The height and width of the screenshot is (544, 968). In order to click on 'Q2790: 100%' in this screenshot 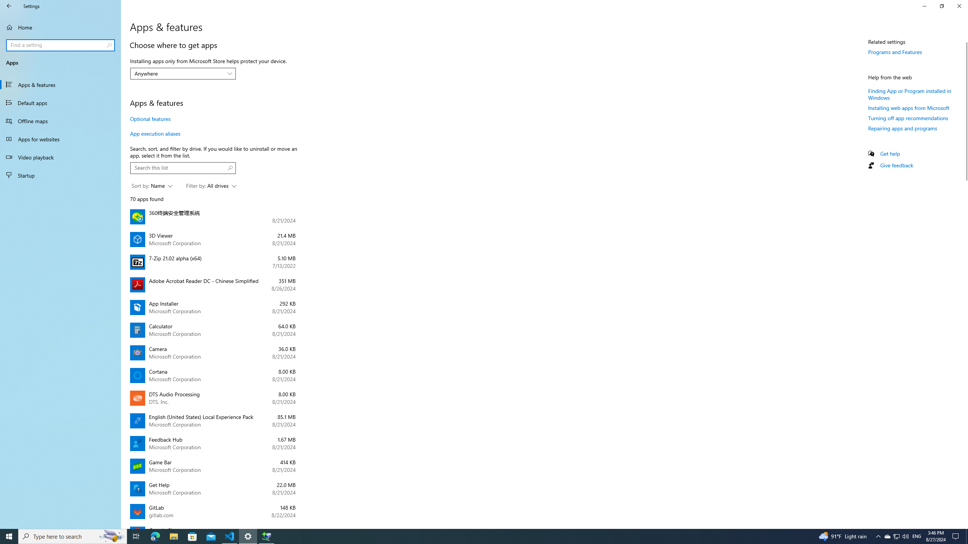, I will do `click(905, 536)`.